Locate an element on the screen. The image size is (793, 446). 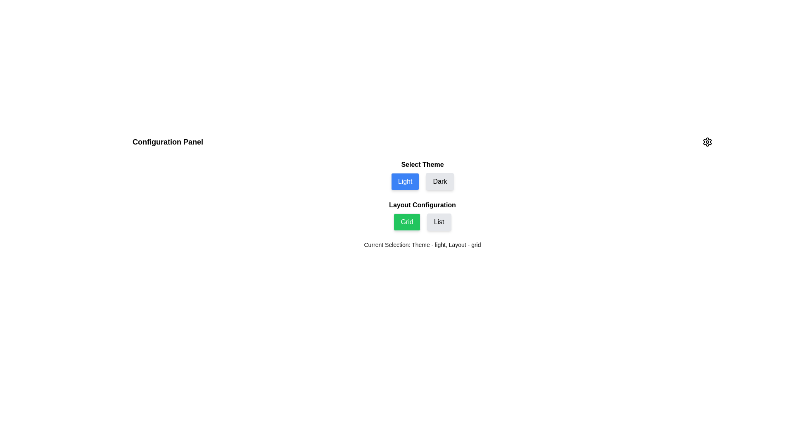
the 'Light' button, which is a rectangular button with white text on a blue background, located in the 'Select Theme' section is located at coordinates (405, 181).